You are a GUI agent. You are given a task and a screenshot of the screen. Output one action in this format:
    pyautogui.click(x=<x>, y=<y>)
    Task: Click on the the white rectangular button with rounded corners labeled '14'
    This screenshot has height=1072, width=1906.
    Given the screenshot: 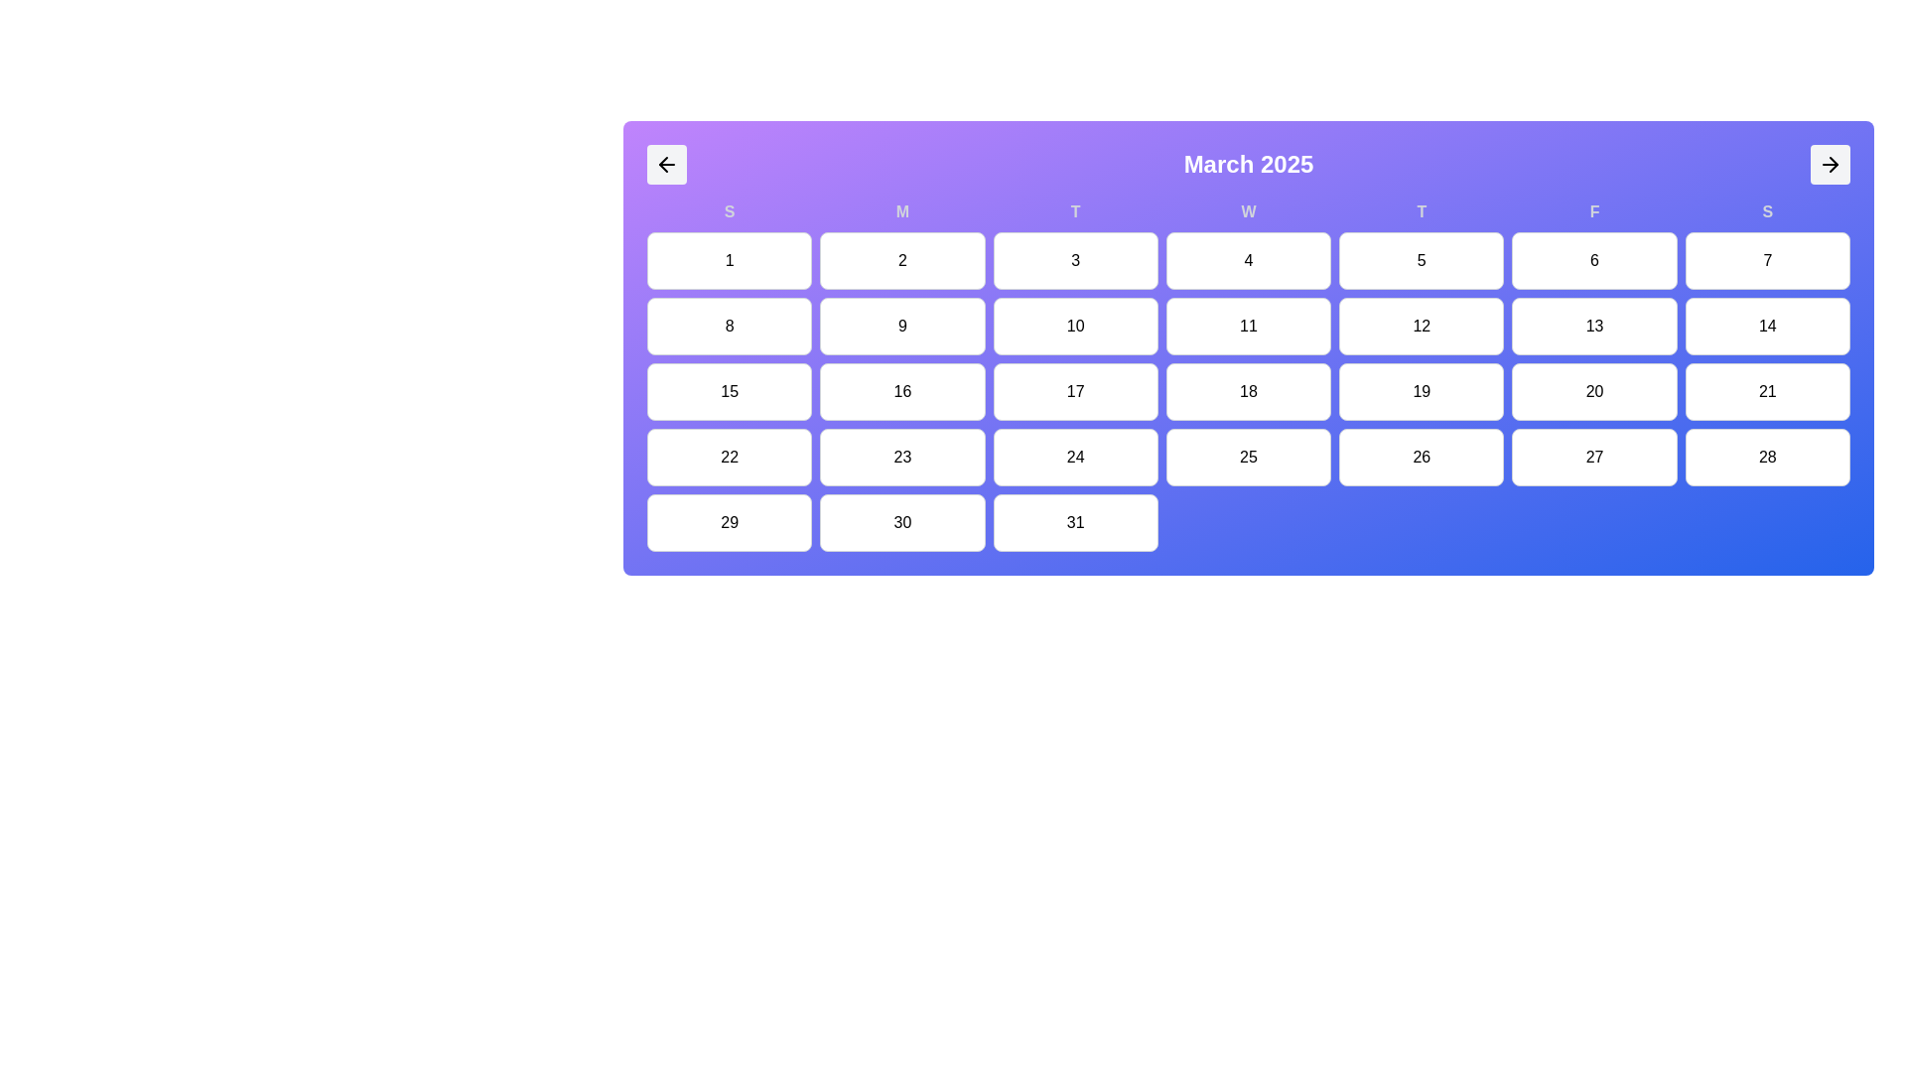 What is the action you would take?
    pyautogui.click(x=1767, y=325)
    